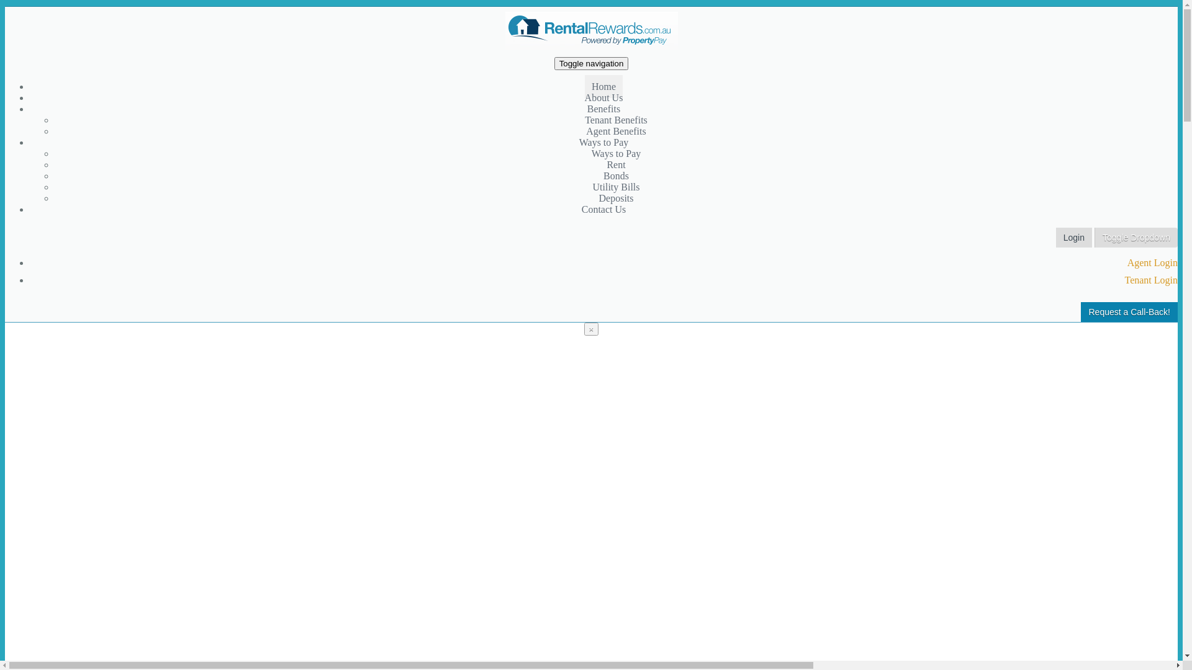 Image resolution: width=1192 pixels, height=670 pixels. Describe the element at coordinates (574, 208) in the screenshot. I see `'Contact Us'` at that location.